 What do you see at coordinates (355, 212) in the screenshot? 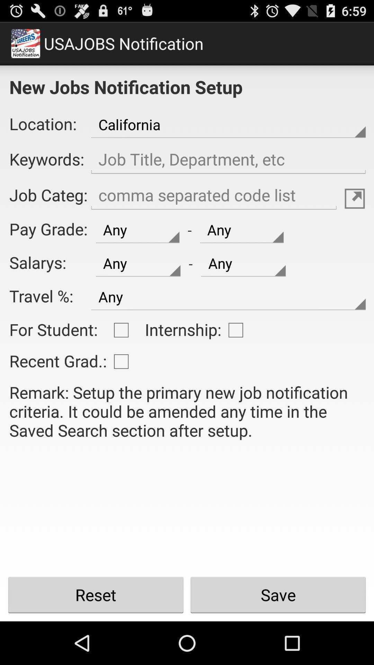
I see `the launch icon` at bounding box center [355, 212].